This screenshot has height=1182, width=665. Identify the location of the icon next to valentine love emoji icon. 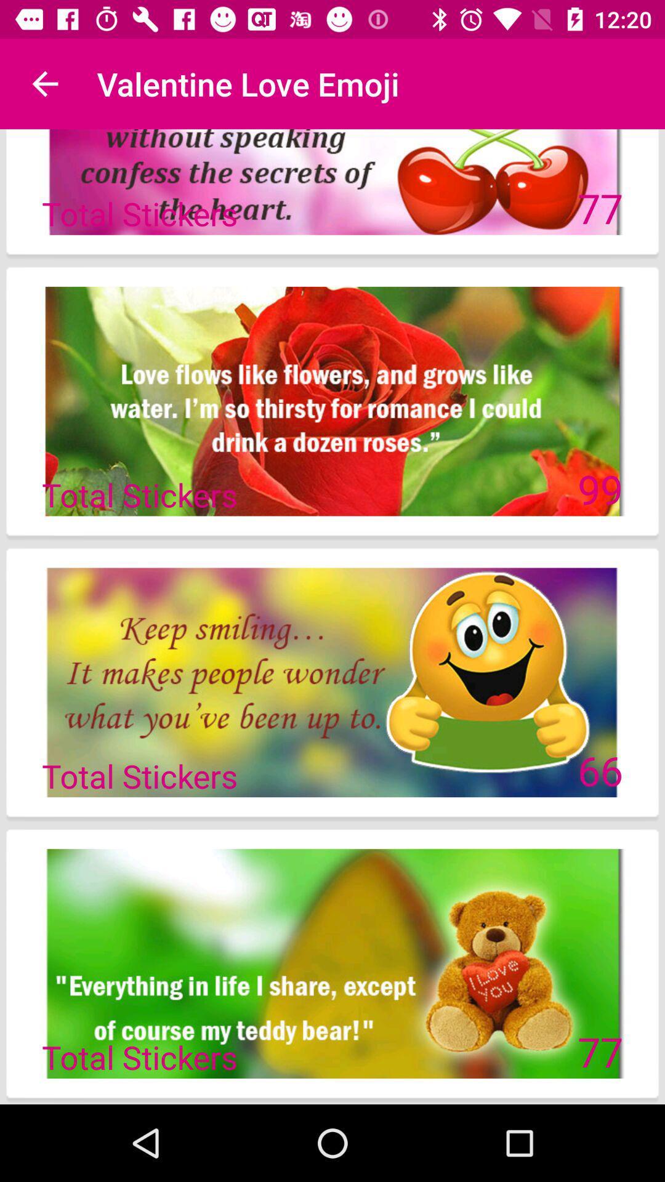
(44, 83).